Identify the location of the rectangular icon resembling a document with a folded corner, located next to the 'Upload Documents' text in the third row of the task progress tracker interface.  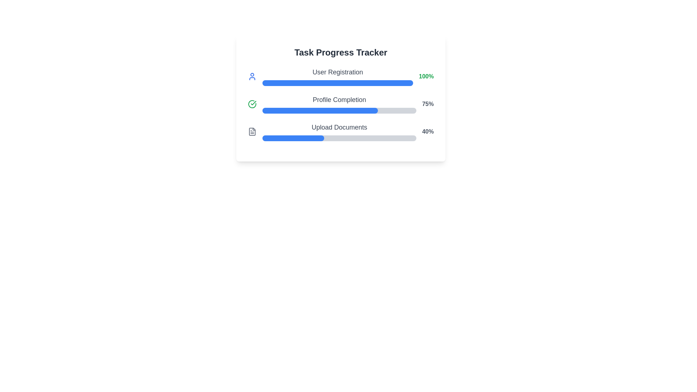
(252, 131).